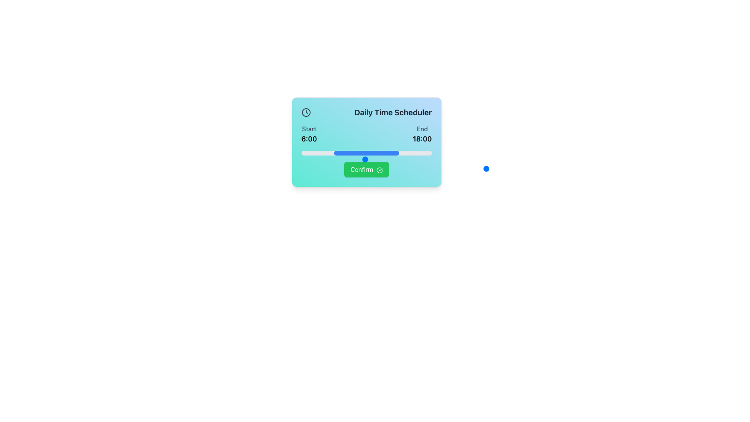 The width and height of the screenshot is (750, 422). Describe the element at coordinates (393, 113) in the screenshot. I see `the 'Daily Time Scheduler' label which is a bold, large-sized text in dark gray, located at the top-right section of a light blue box` at that location.